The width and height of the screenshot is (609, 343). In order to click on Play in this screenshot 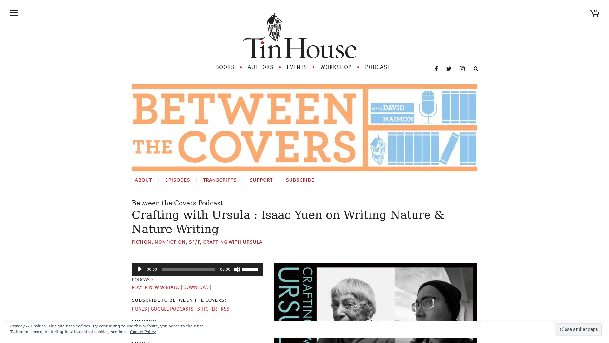, I will do `click(140, 269)`.